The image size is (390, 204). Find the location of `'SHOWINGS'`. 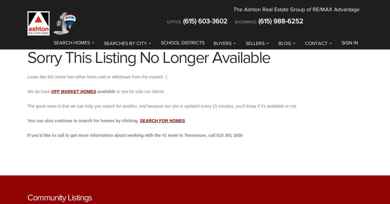

'SHOWINGS' is located at coordinates (234, 22).